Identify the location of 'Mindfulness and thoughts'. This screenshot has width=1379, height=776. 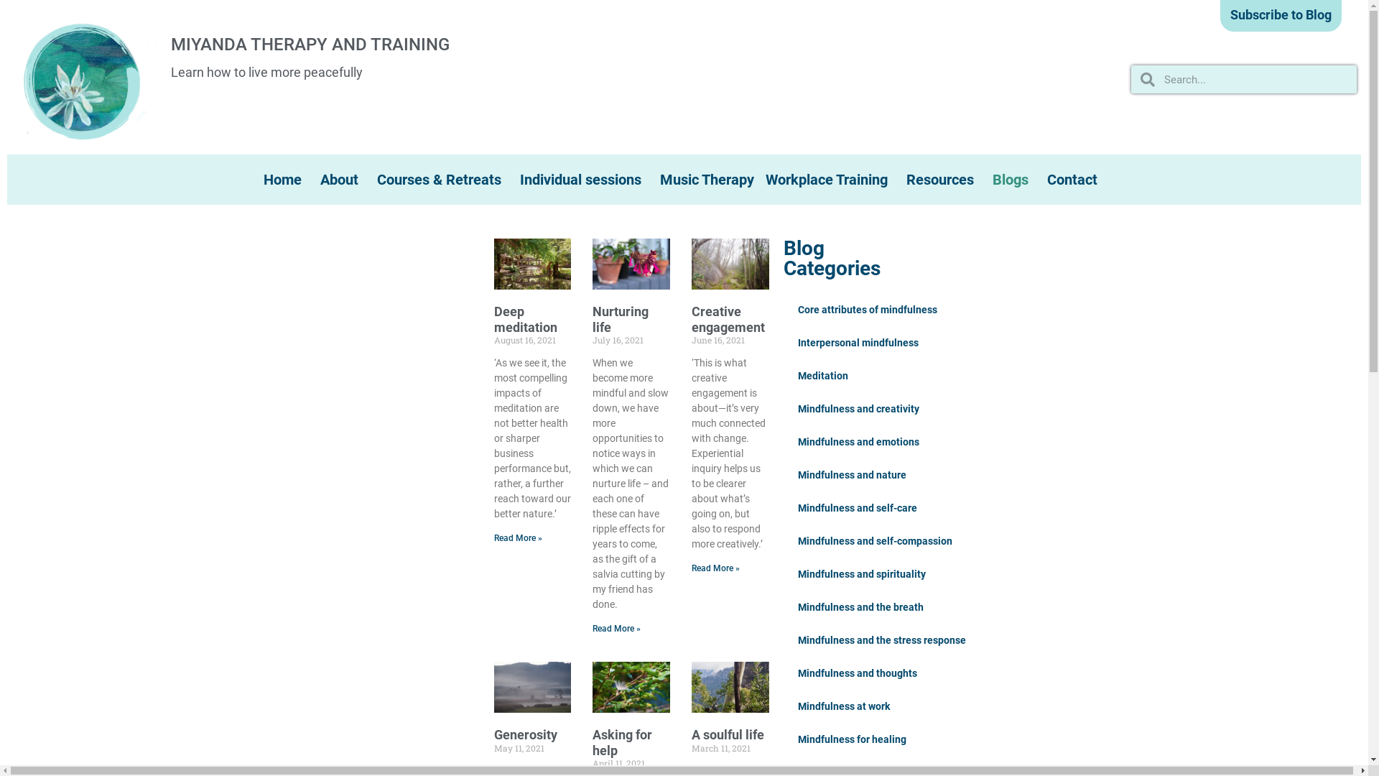
(858, 673).